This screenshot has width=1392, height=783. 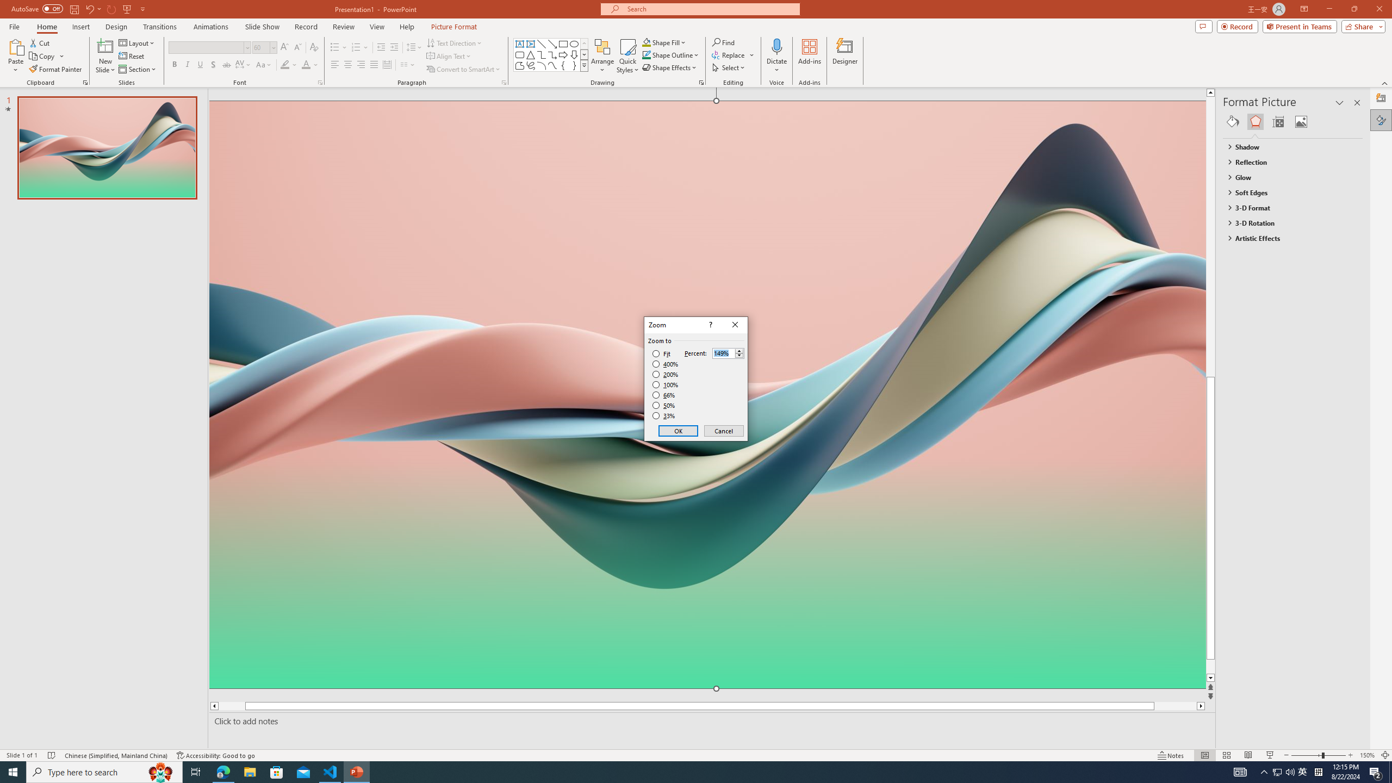 I want to click on '3-D Format', so click(x=1288, y=208).